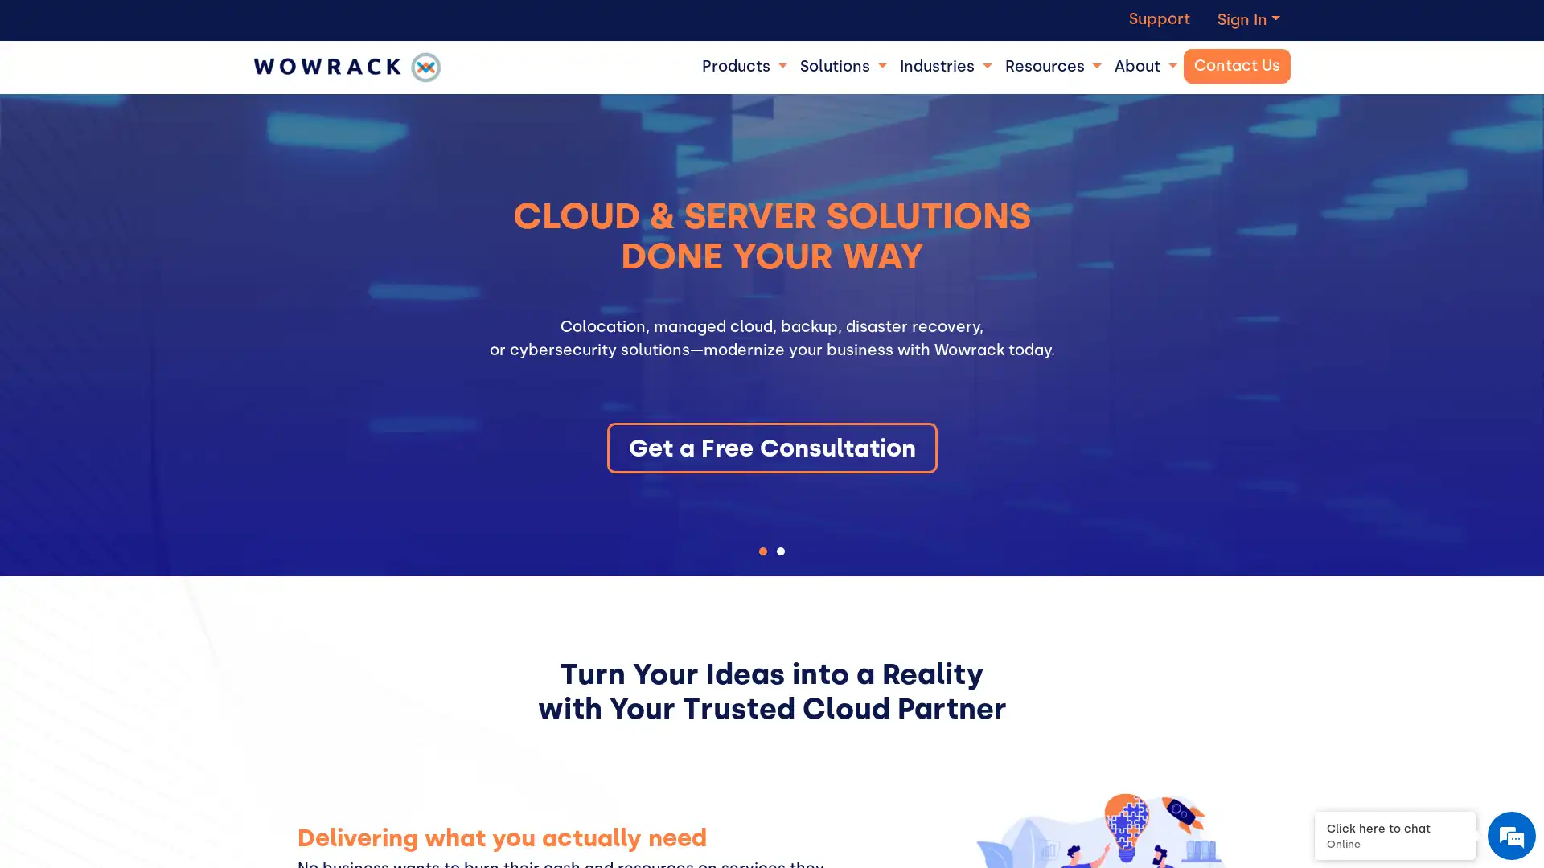 The height and width of the screenshot is (868, 1544). What do you see at coordinates (780, 550) in the screenshot?
I see `Goto slide 2` at bounding box center [780, 550].